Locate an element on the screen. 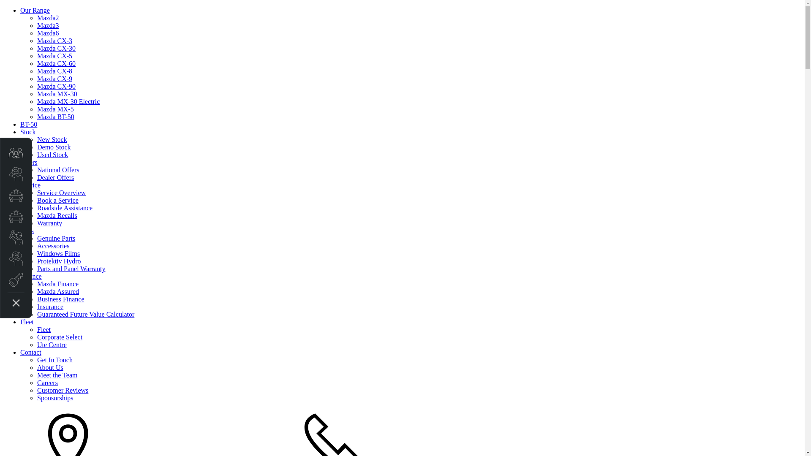 This screenshot has height=456, width=811. 'Service Overview' is located at coordinates (61, 193).